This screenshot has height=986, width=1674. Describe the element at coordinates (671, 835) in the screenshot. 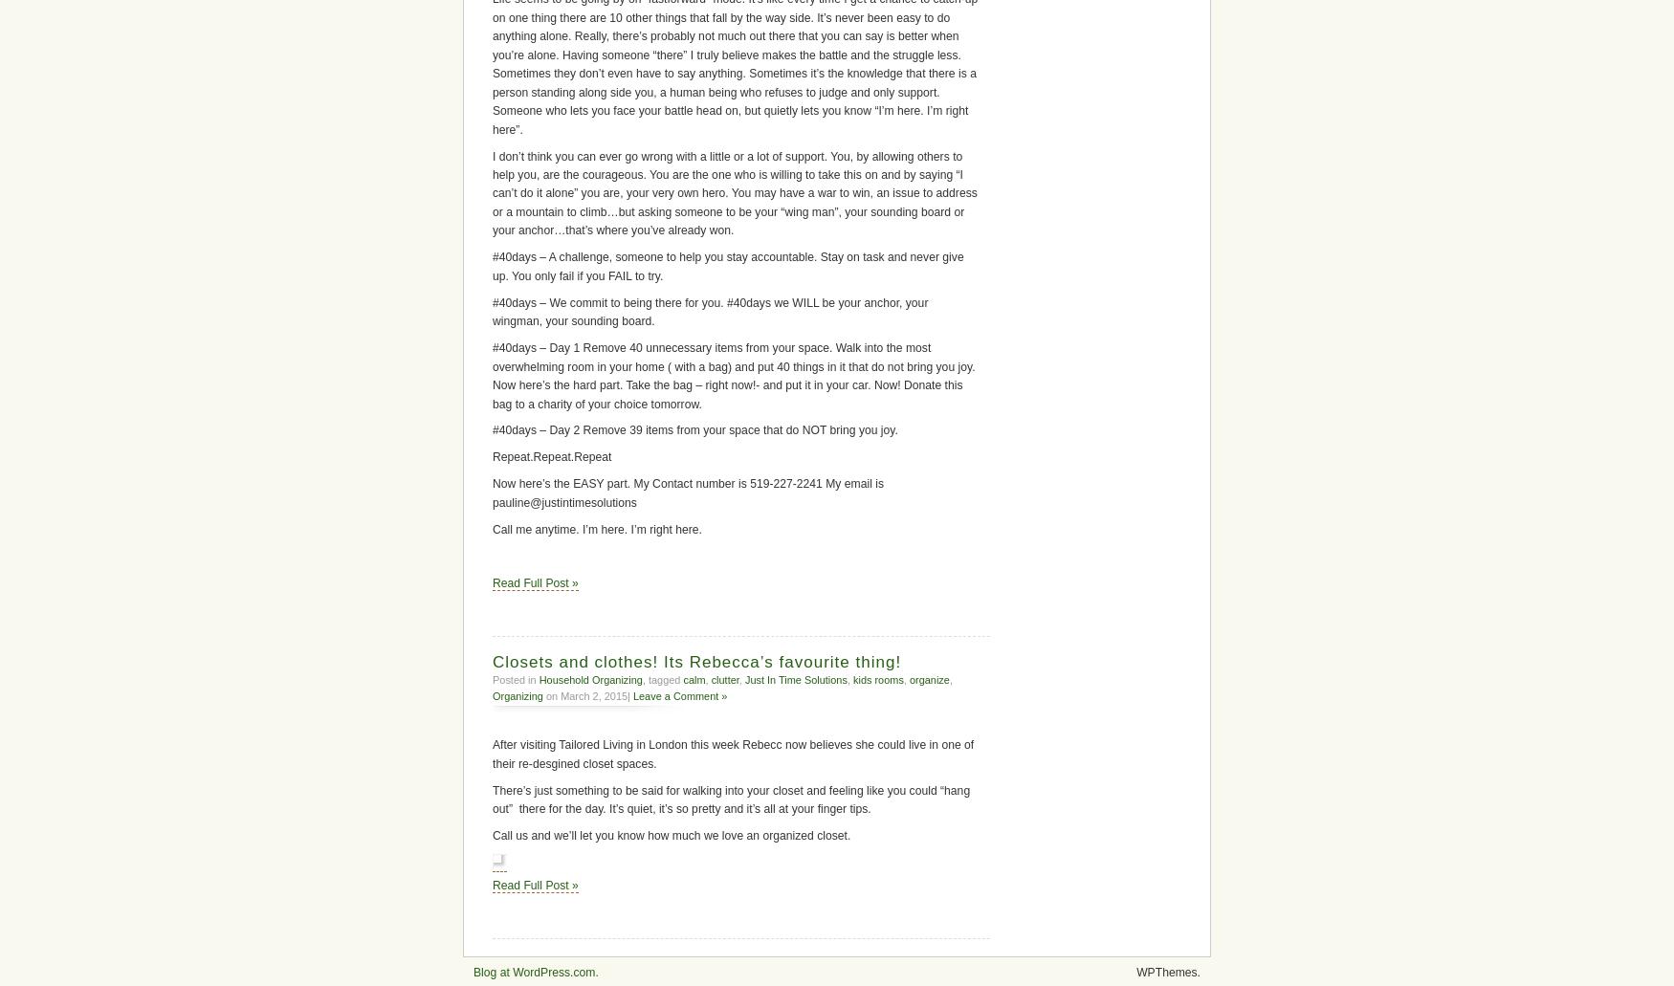

I see `'Call us and we’ll let you know how much we love an organized closet.'` at that location.